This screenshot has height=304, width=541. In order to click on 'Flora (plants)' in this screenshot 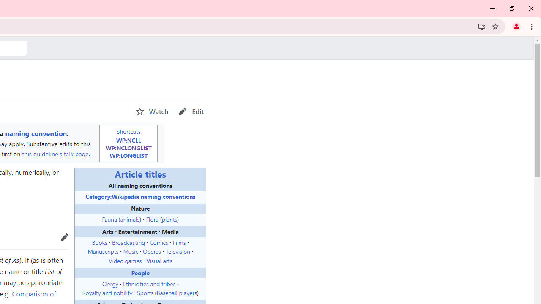, I will do `click(162, 219)`.